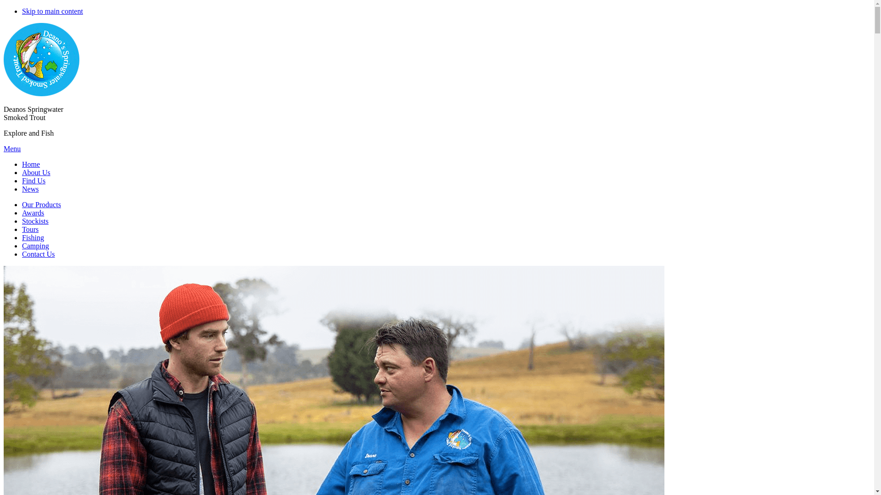 The image size is (881, 495). What do you see at coordinates (31, 164) in the screenshot?
I see `'Home'` at bounding box center [31, 164].